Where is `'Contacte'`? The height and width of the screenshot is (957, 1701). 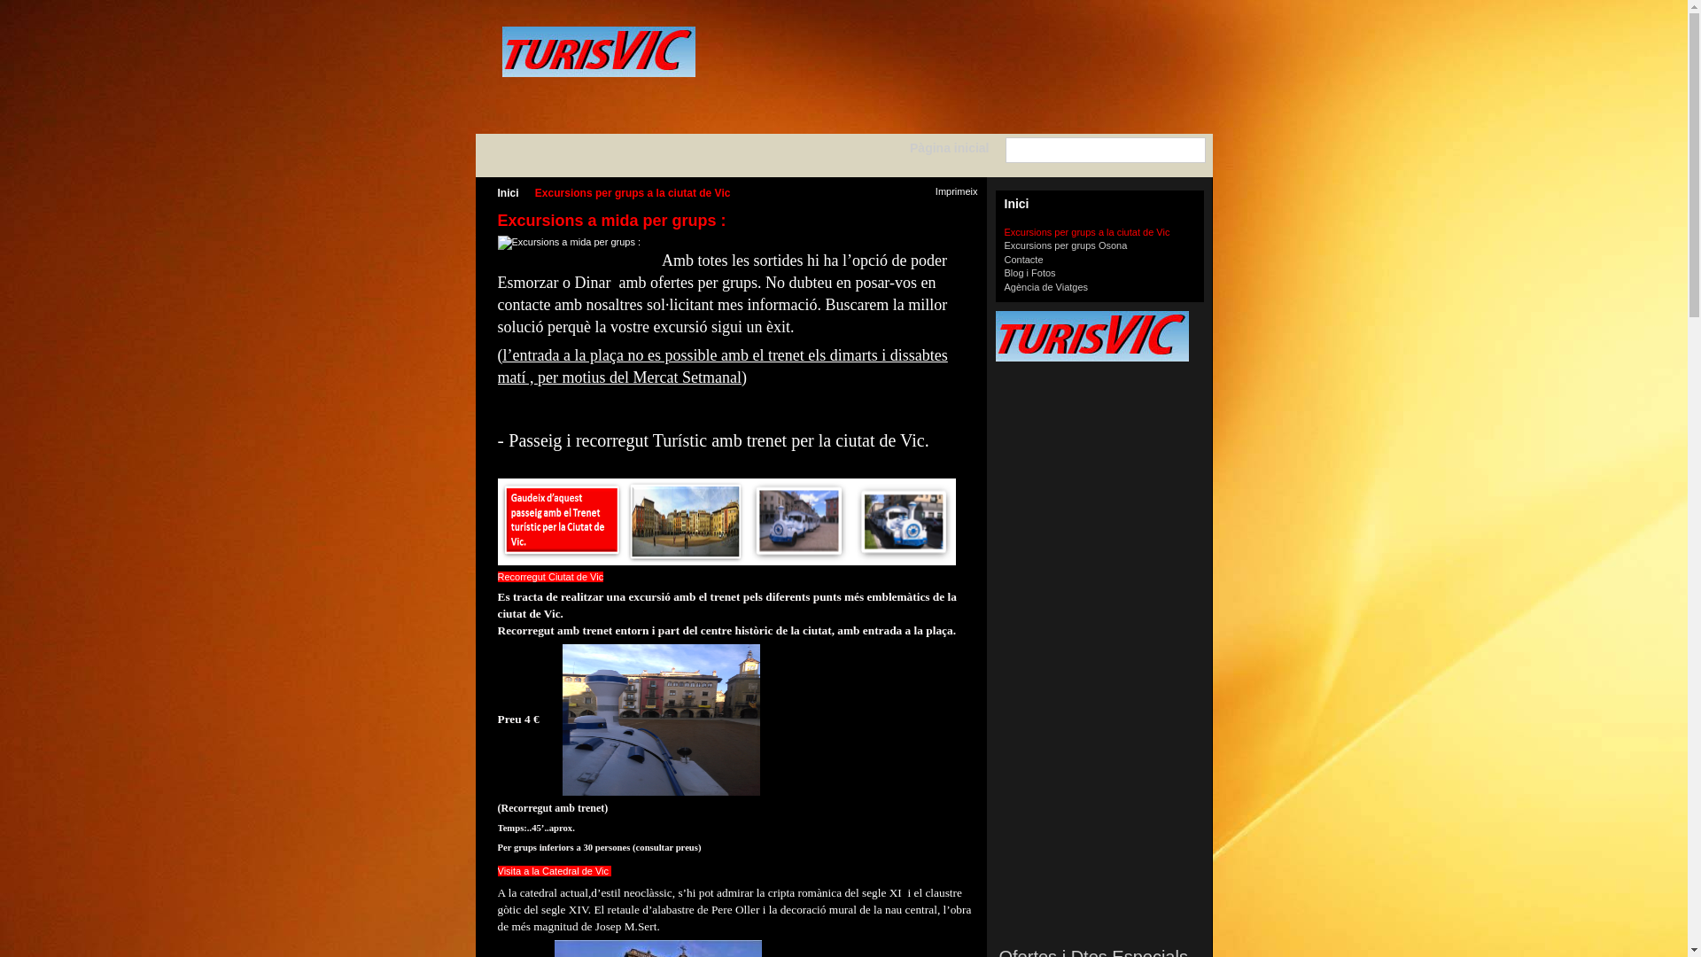 'Contacte' is located at coordinates (1024, 260).